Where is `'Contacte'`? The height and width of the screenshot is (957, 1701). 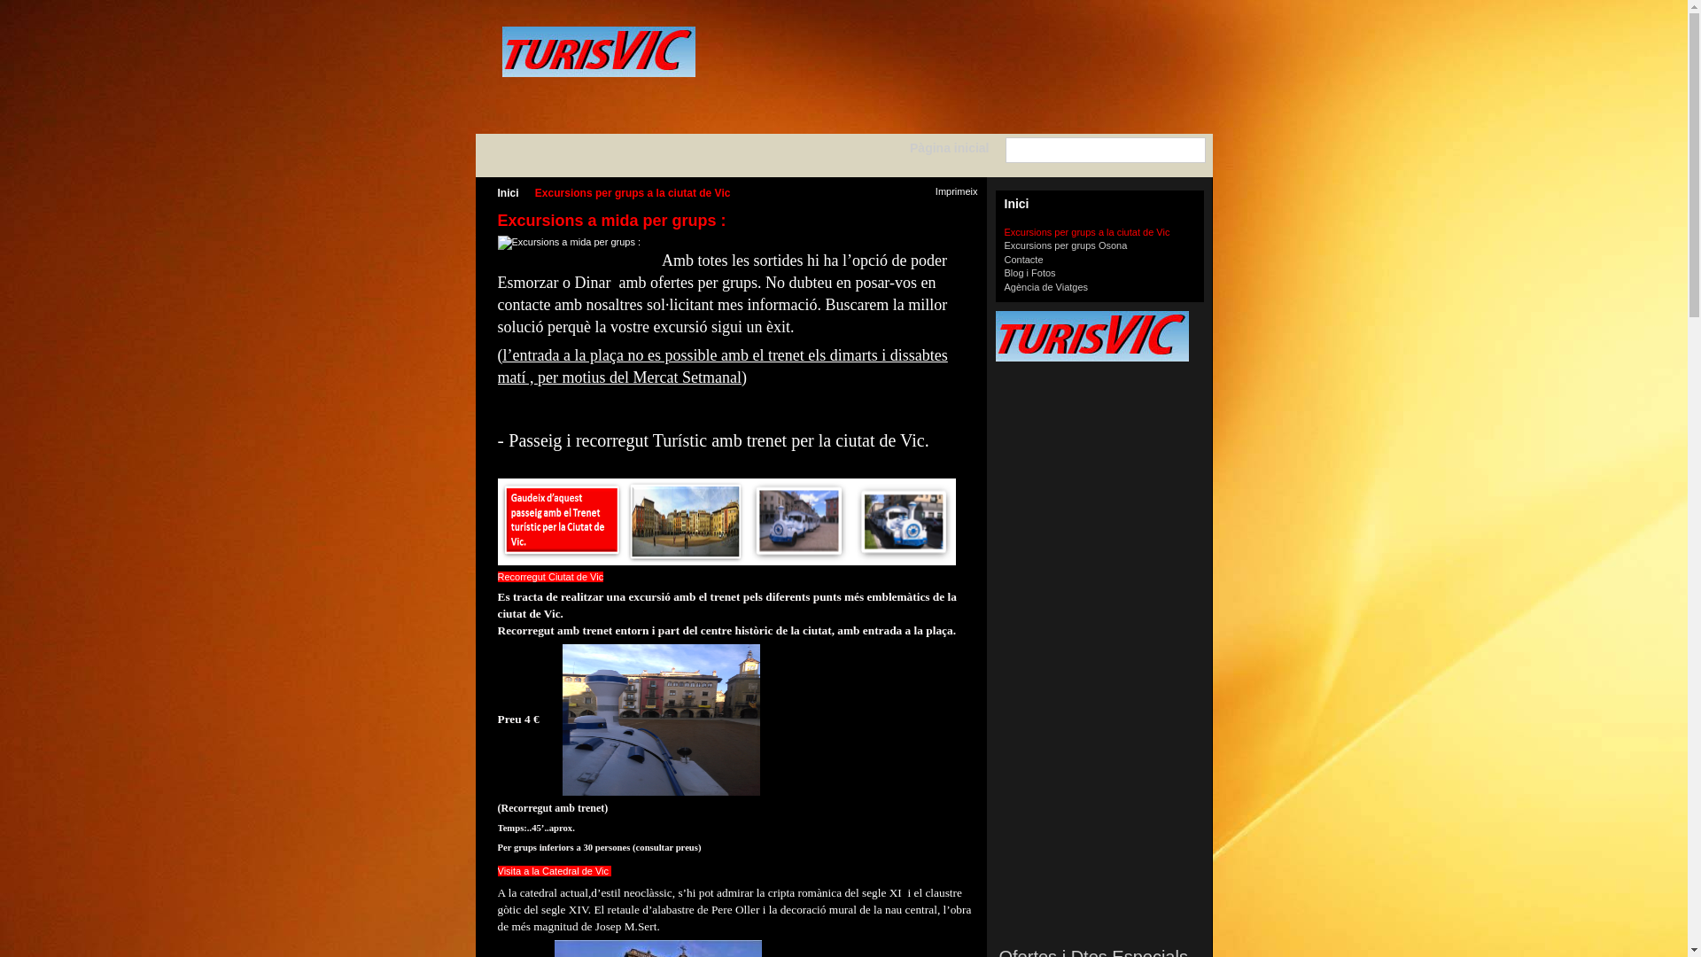 'Contacte' is located at coordinates (1024, 260).